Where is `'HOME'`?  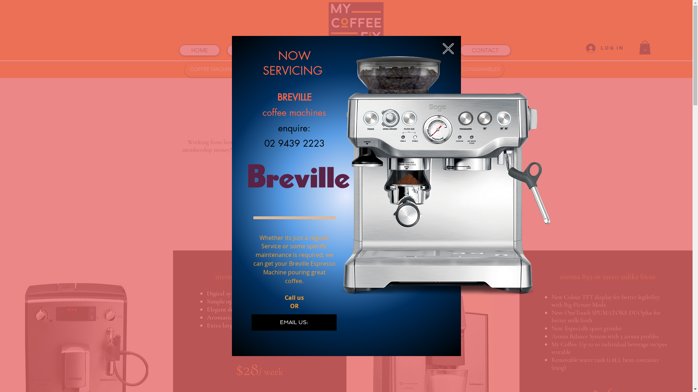 'HOME' is located at coordinates (199, 50).